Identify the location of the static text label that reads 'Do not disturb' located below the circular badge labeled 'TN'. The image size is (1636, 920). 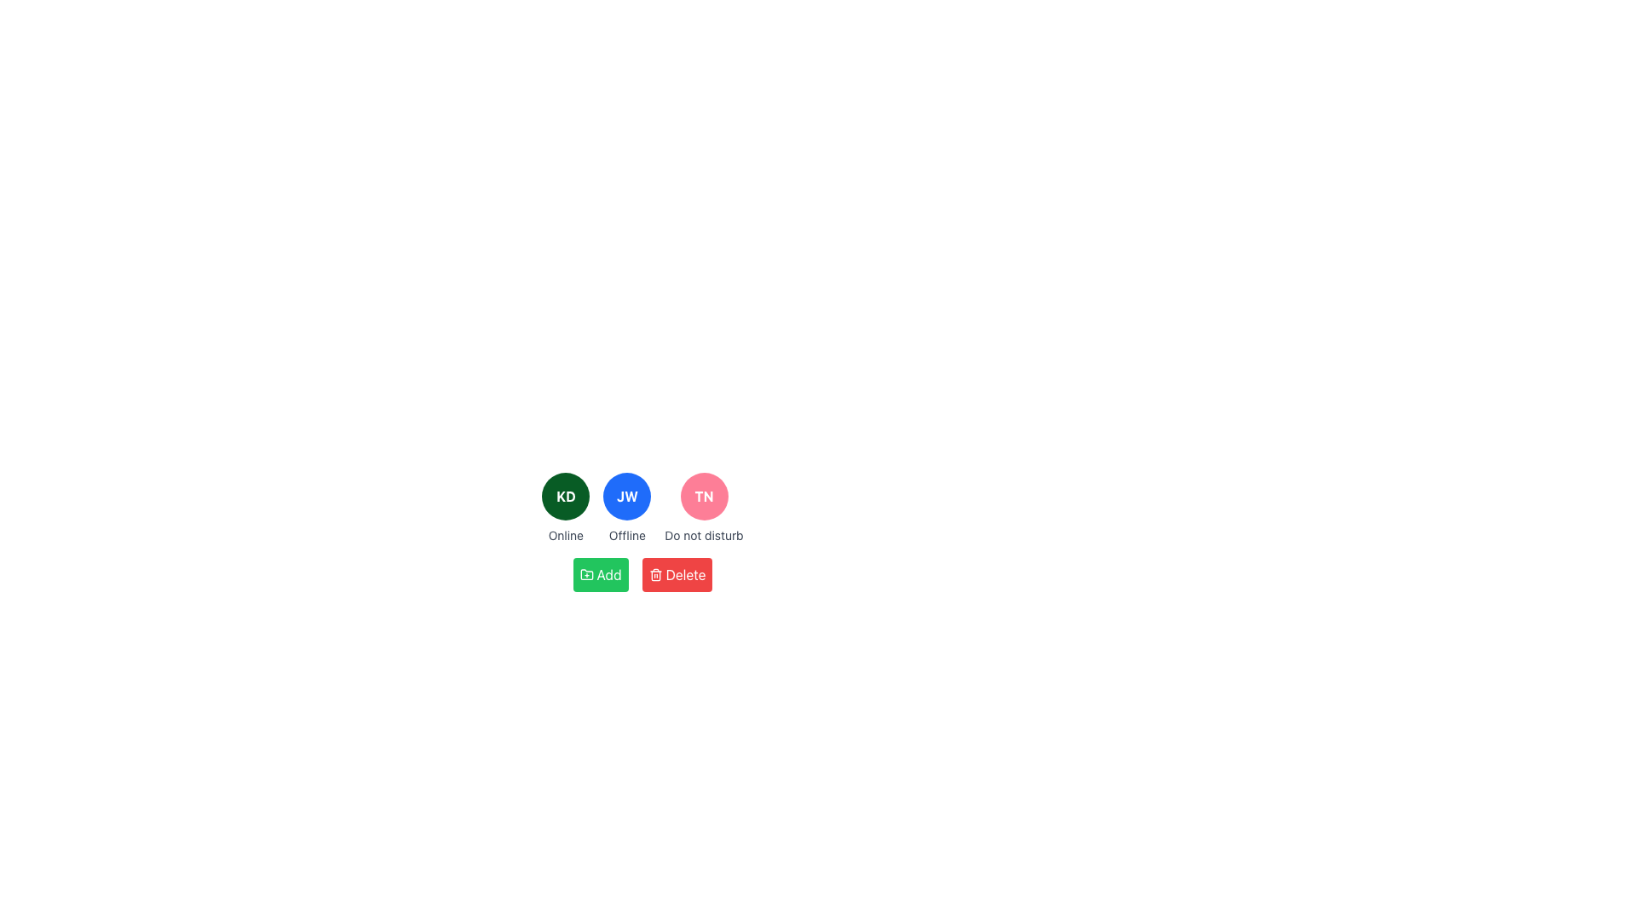
(704, 534).